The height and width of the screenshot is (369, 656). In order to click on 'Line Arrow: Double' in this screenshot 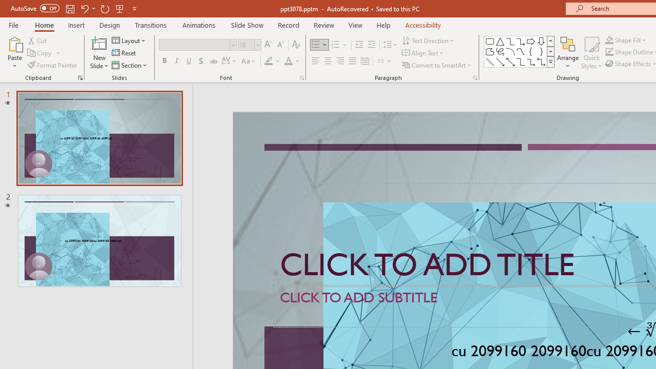, I will do `click(510, 61)`.